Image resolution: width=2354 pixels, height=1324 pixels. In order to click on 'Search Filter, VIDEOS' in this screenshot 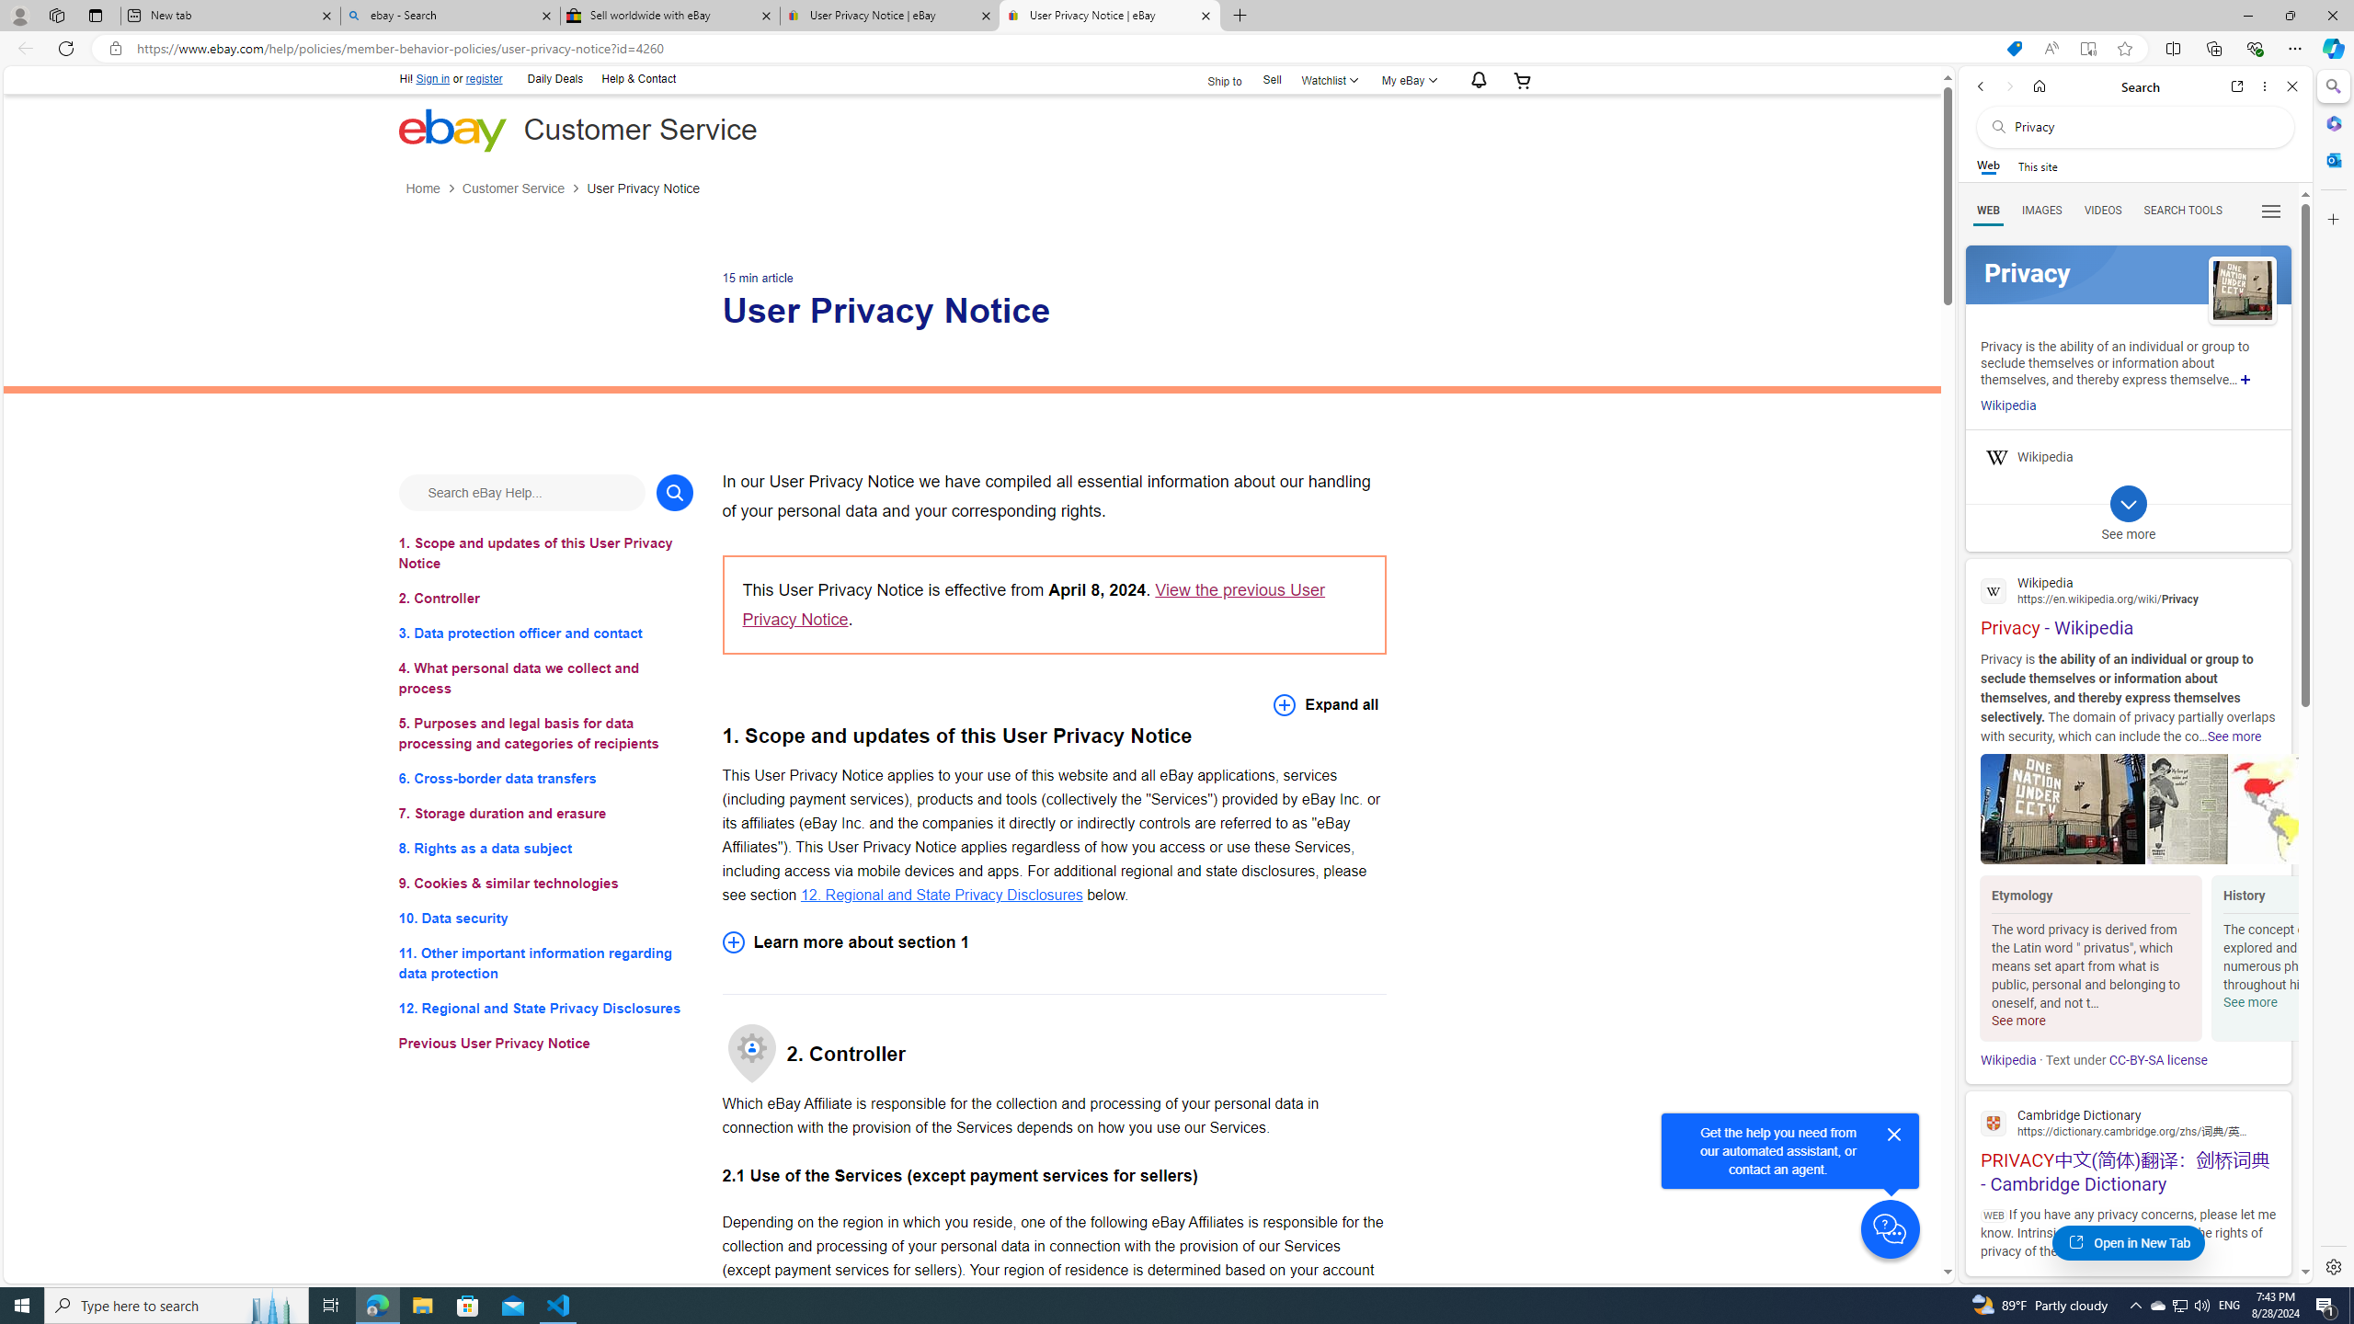, I will do `click(2102, 209)`.